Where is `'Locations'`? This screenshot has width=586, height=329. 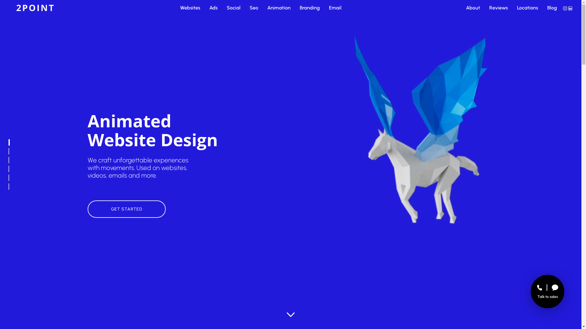 'Locations' is located at coordinates (517, 8).